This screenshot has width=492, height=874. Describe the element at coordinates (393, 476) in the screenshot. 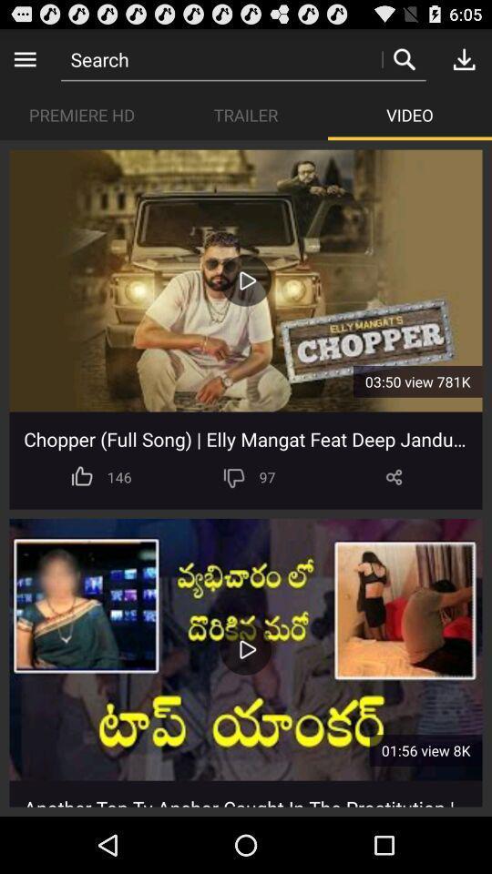

I see `the item to the right of the 97 icon` at that location.